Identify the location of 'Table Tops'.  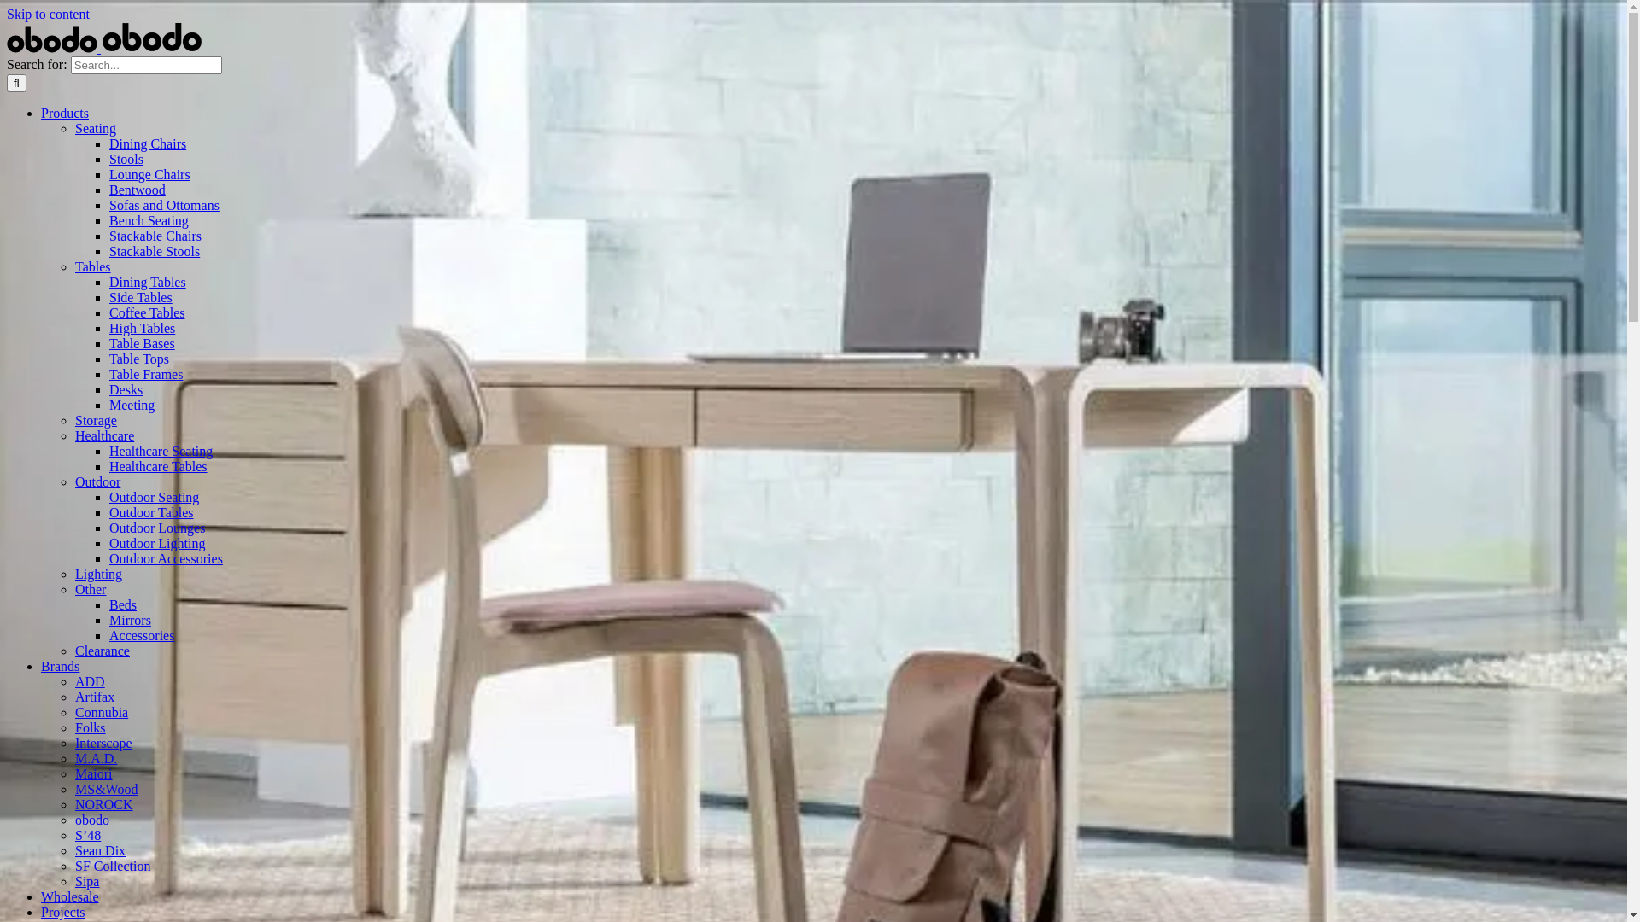
(108, 358).